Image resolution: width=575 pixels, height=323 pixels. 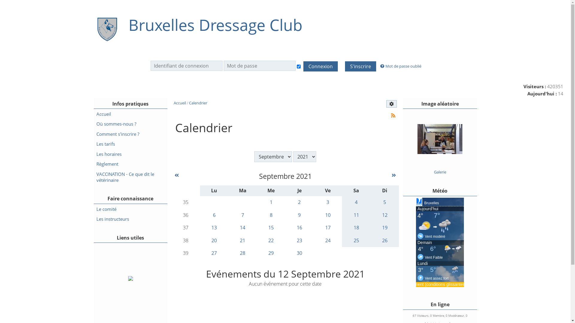 What do you see at coordinates (130, 114) in the screenshot?
I see `'Accueil'` at bounding box center [130, 114].